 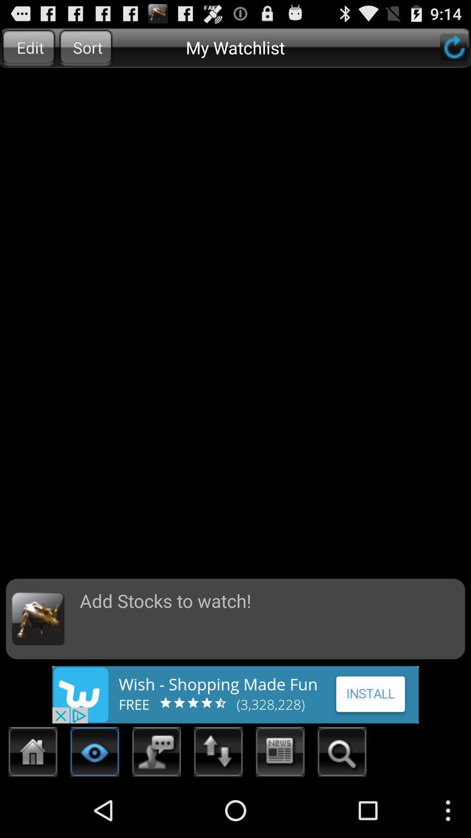 What do you see at coordinates (453, 47) in the screenshot?
I see `refresh the page` at bounding box center [453, 47].